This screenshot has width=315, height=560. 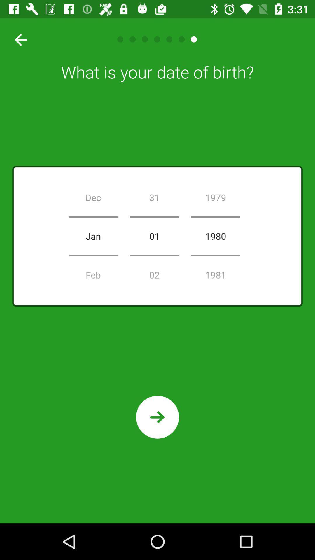 What do you see at coordinates (18, 39) in the screenshot?
I see `back` at bounding box center [18, 39].